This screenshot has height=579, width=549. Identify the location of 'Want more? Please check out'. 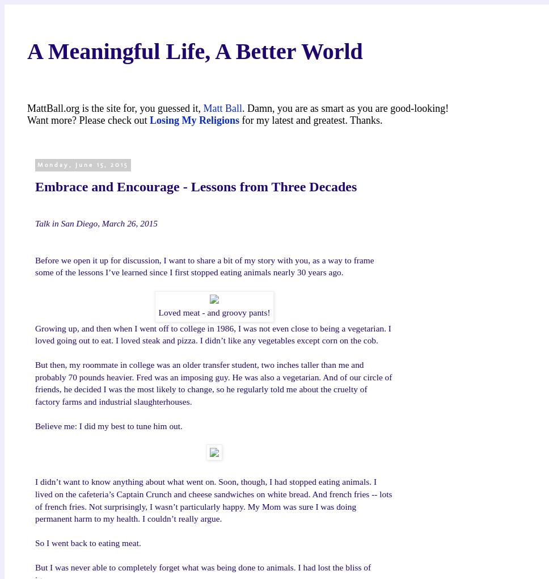
(87, 119).